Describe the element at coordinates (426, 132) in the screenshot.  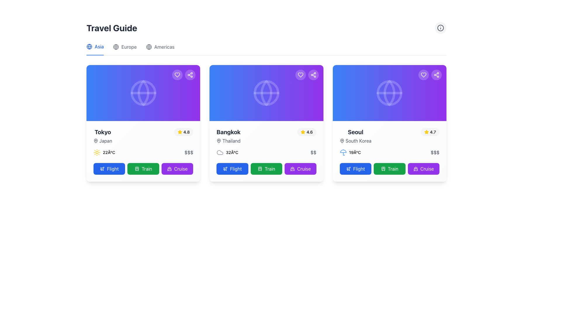
I see `the decorative star icon indicating the rating of '4.7' for the 'Seoul' card, which is located at the top-right of the card layout` at that location.